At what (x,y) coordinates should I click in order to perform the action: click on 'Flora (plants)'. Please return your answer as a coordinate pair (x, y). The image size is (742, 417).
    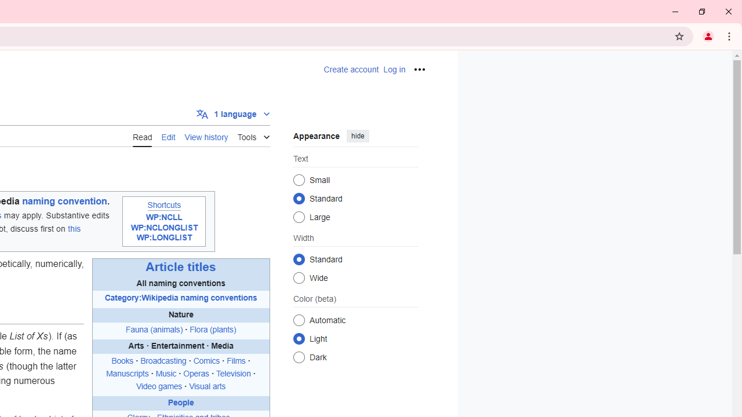
    Looking at the image, I should click on (213, 329).